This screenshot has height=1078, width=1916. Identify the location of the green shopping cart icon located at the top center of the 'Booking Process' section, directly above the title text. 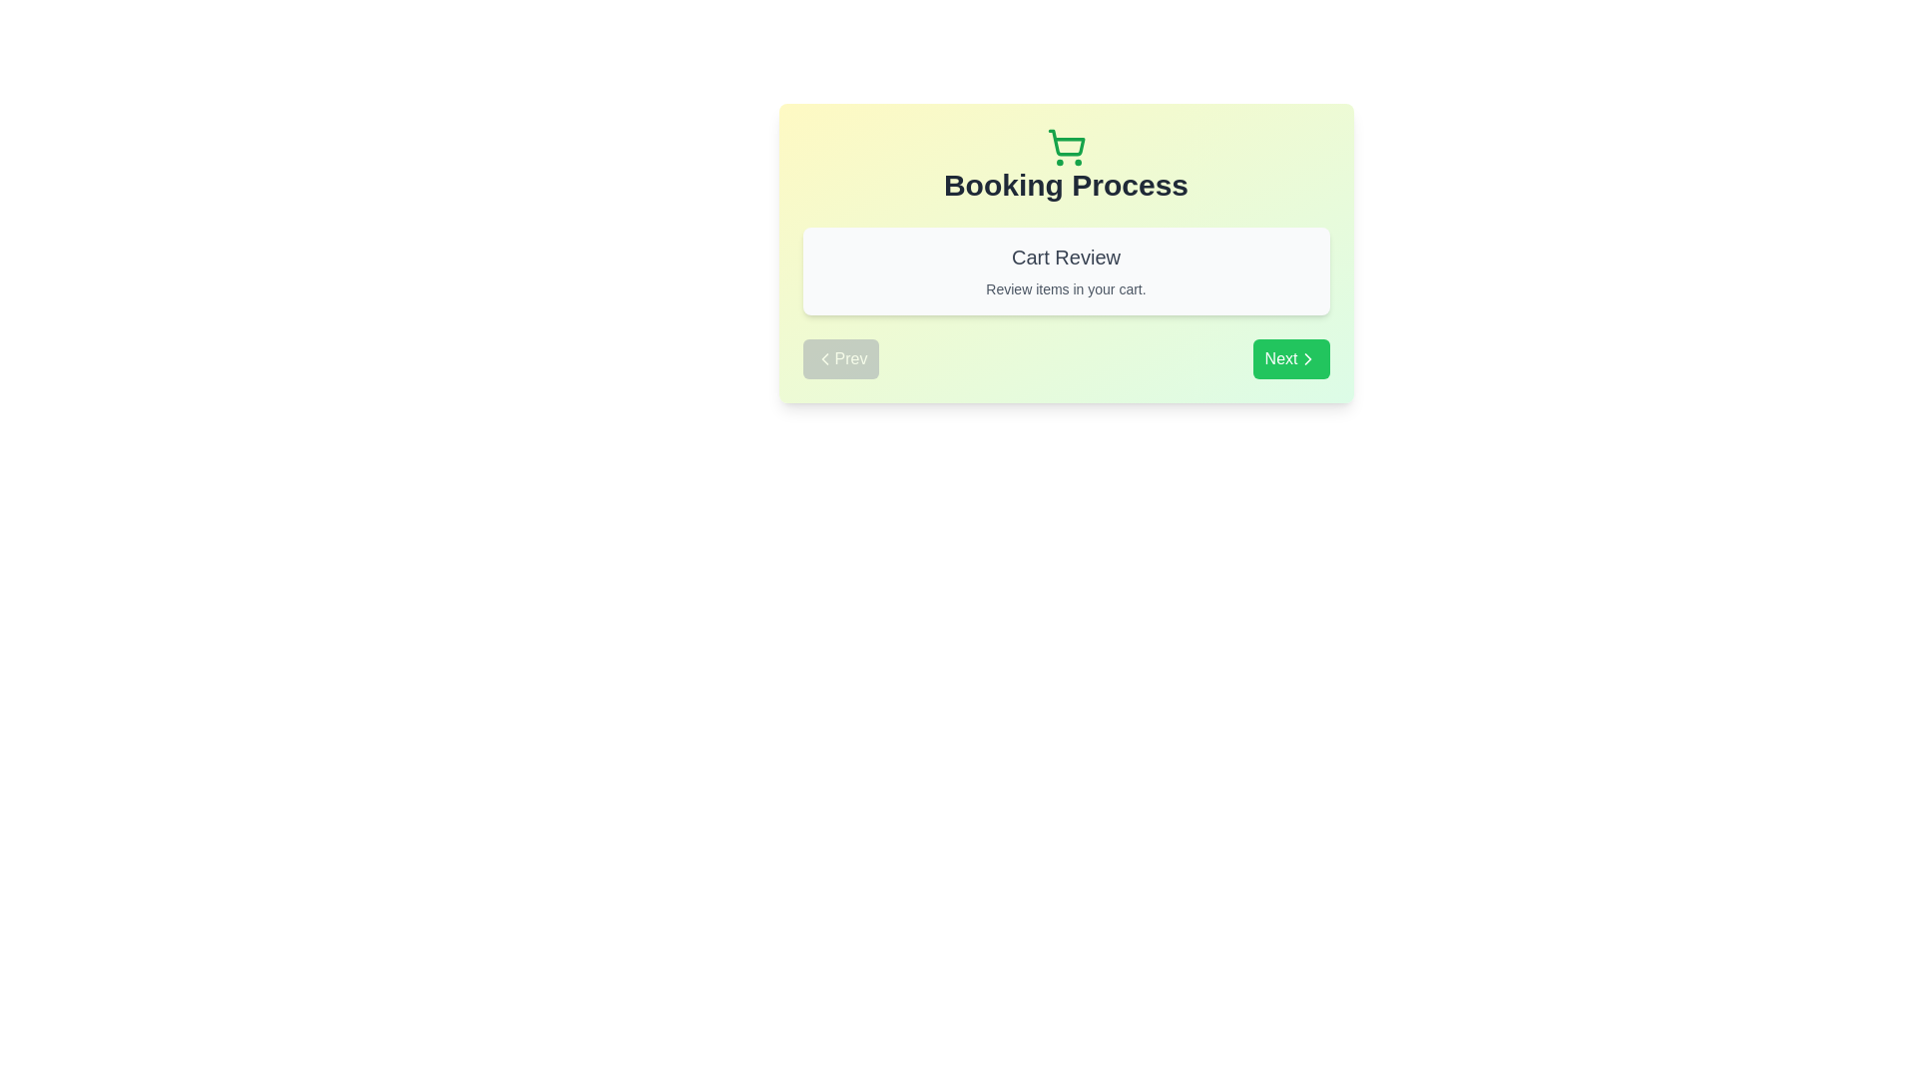
(1065, 146).